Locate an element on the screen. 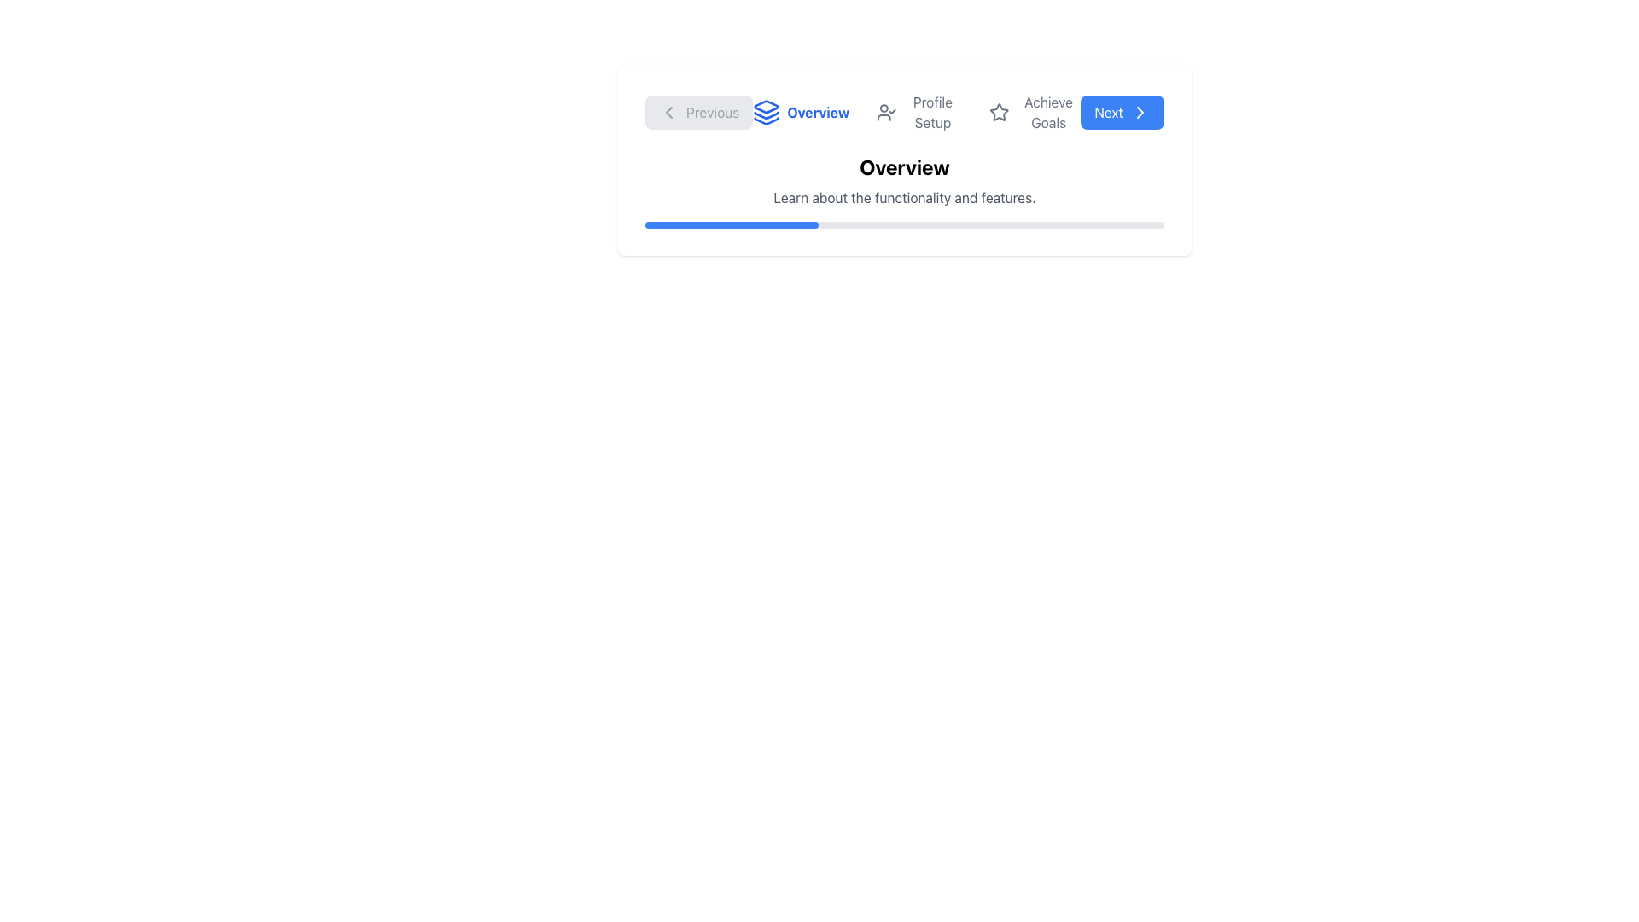  the navigation button located at the rightmost side of the navigation bar, following the 'Achieve Goals' section, to move to the next step is located at coordinates (1123, 112).